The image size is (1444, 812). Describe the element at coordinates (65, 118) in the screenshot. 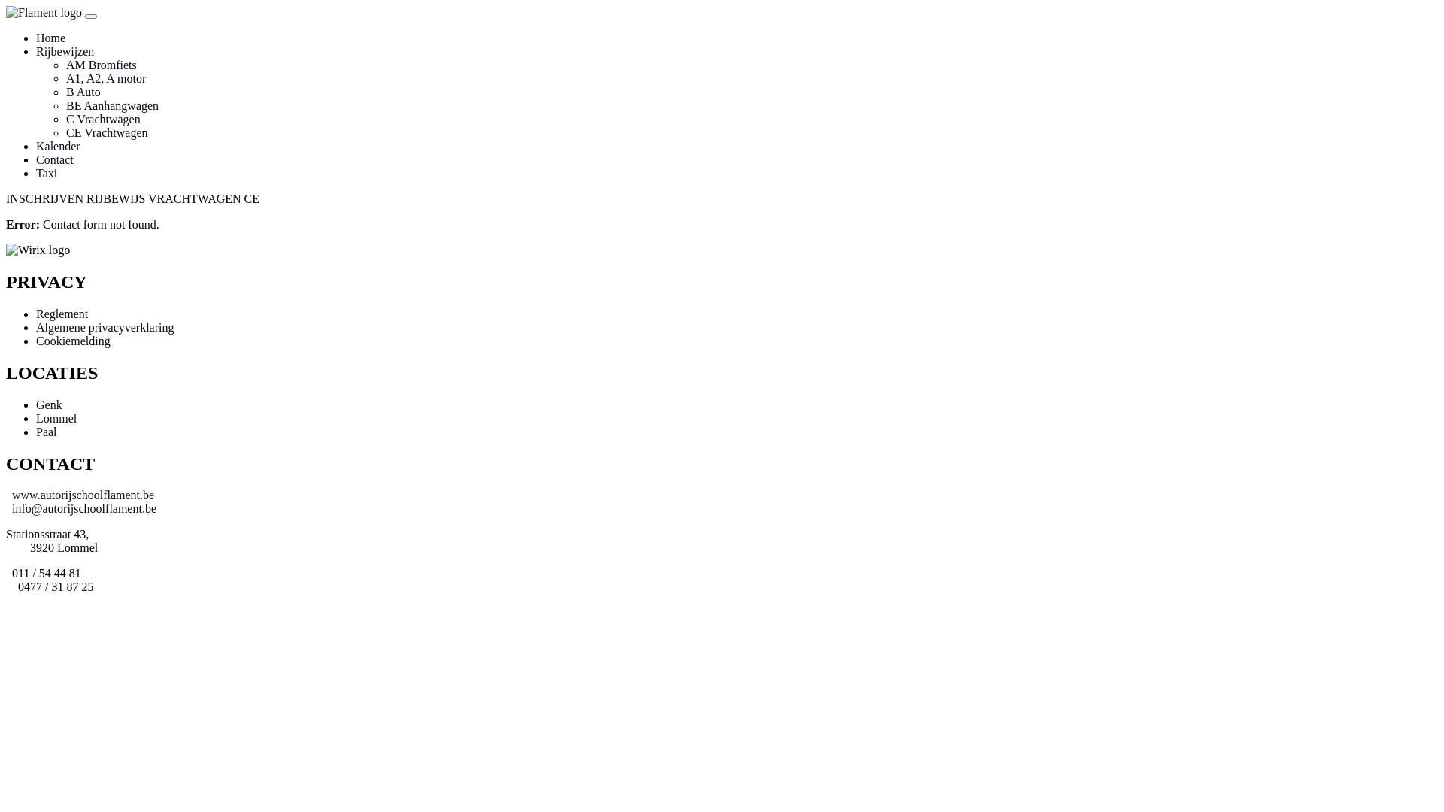

I see `'C Vrachtwagen'` at that location.